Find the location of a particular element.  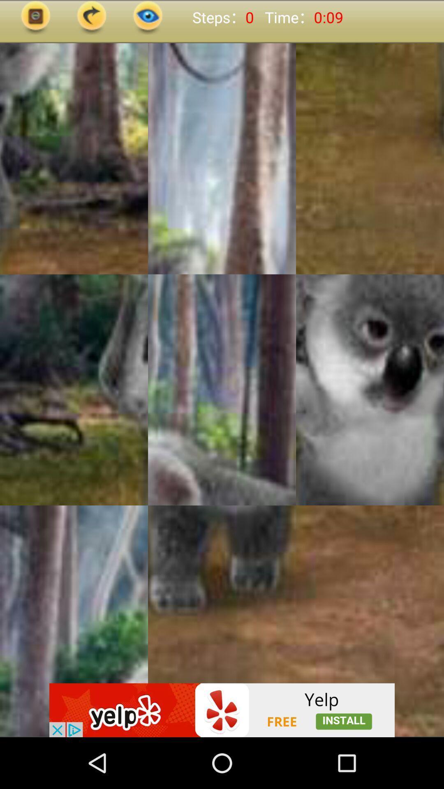

the visibility icon is located at coordinates (147, 17).